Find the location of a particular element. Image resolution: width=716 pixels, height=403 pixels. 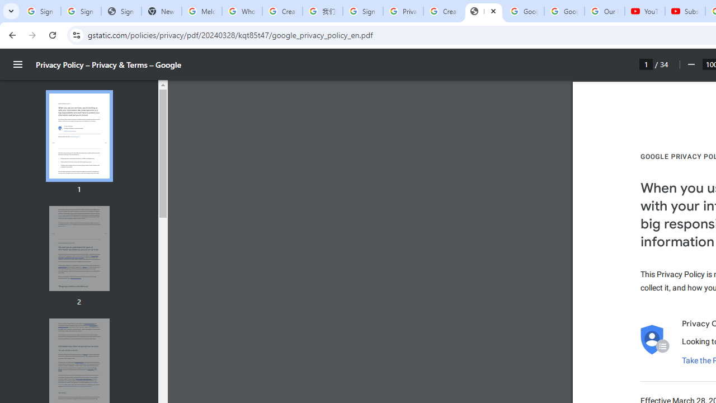

'Menu' is located at coordinates (18, 64).